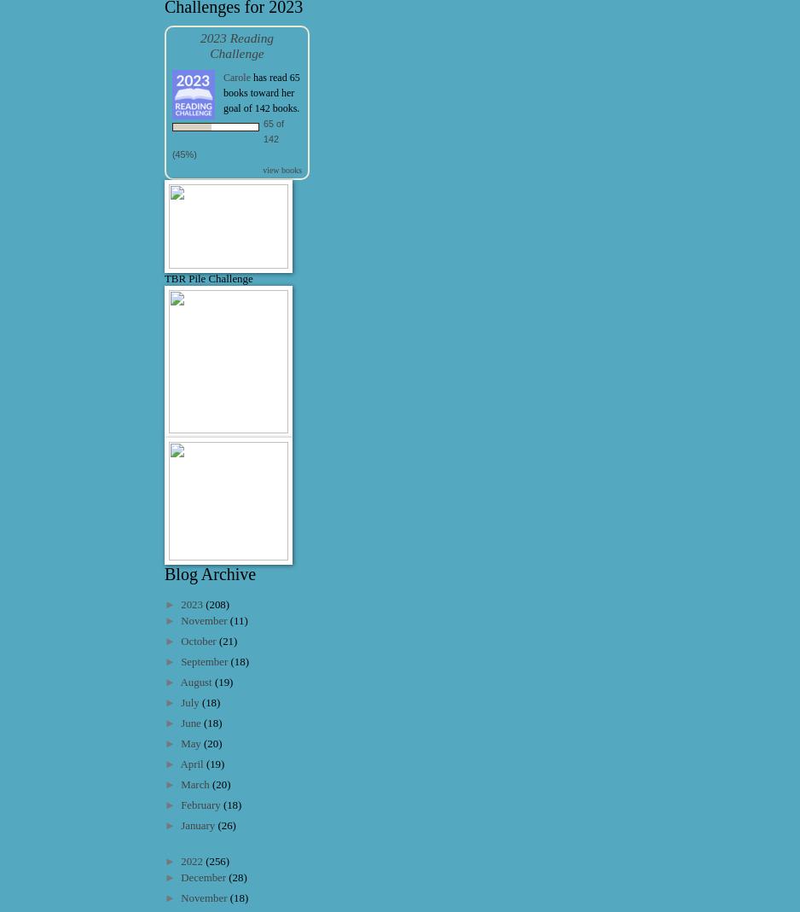  Describe the element at coordinates (180, 661) in the screenshot. I see `'September'` at that location.